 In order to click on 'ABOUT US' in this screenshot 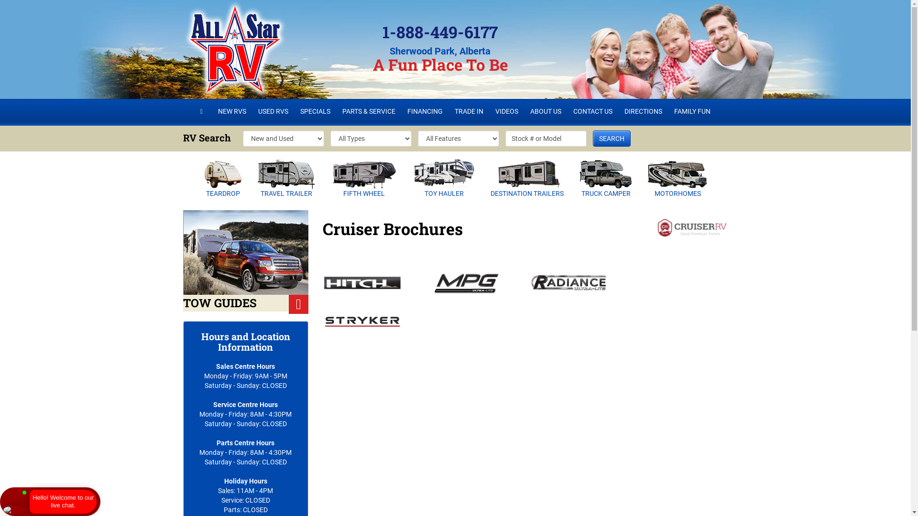, I will do `click(546, 110)`.